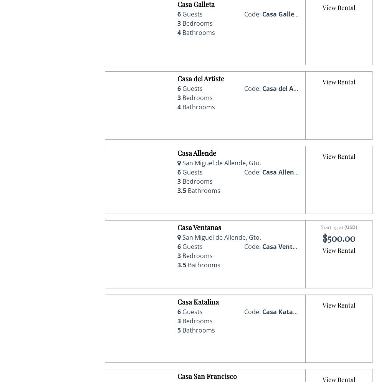  I want to click on 'Casa San Francisco', so click(177, 375).